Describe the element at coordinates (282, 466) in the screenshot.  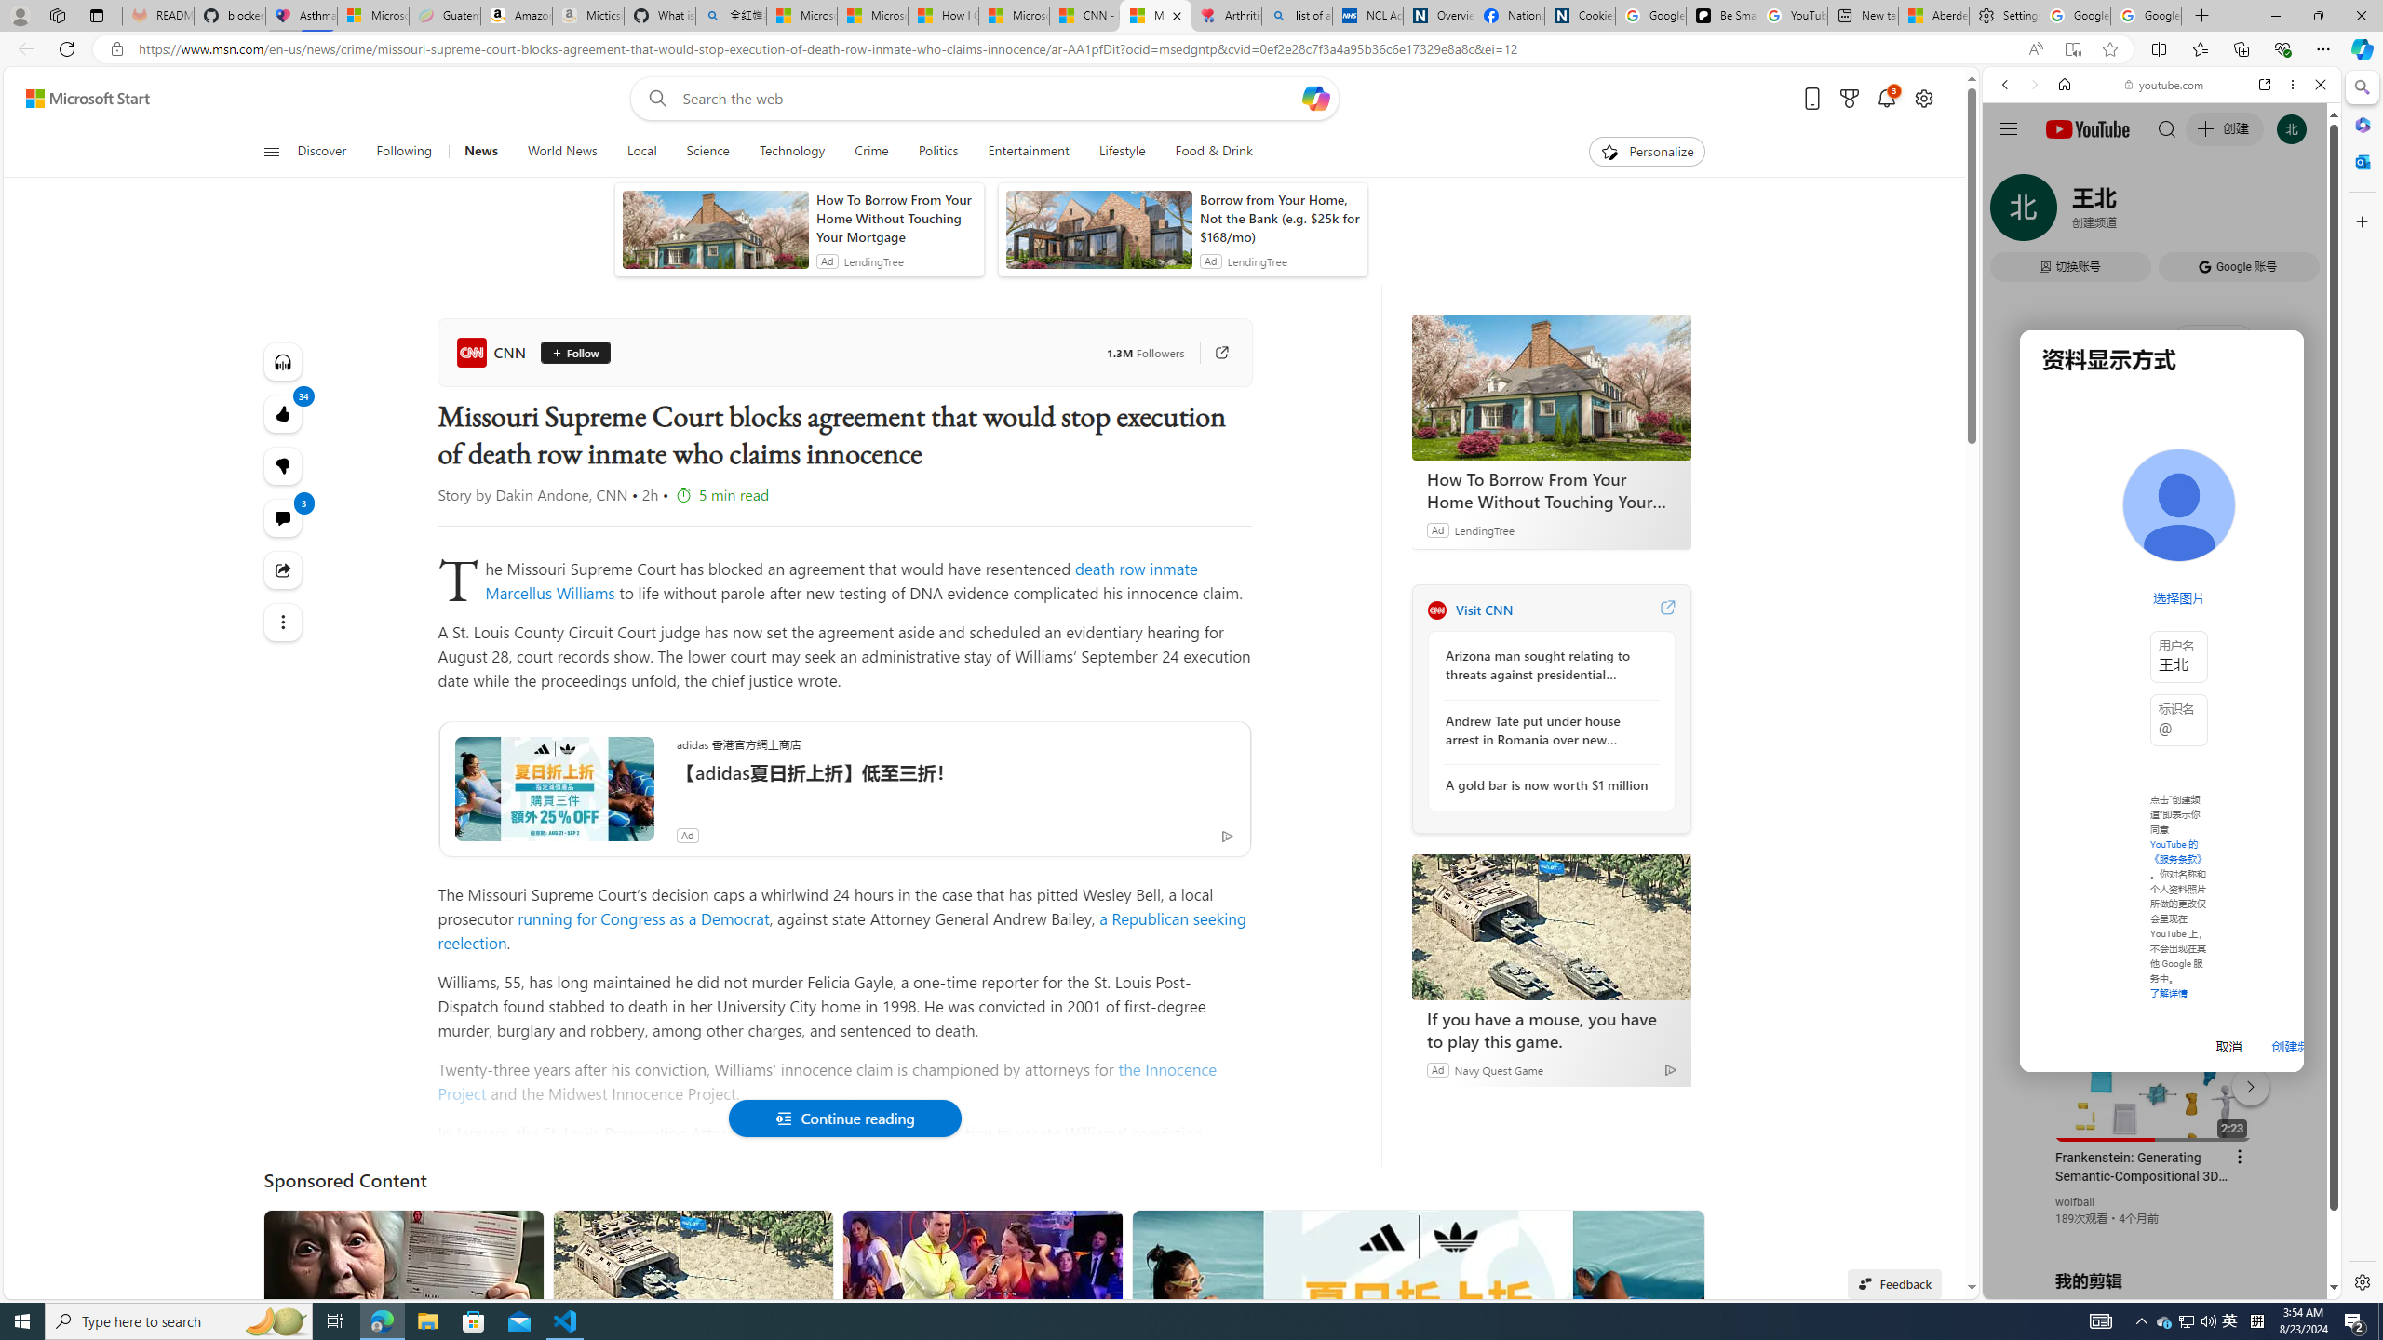
I see `'34'` at that location.